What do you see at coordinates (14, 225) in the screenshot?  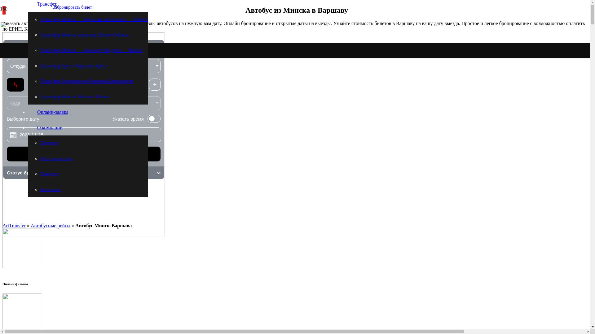 I see `'ArtTransfer'` at bounding box center [14, 225].